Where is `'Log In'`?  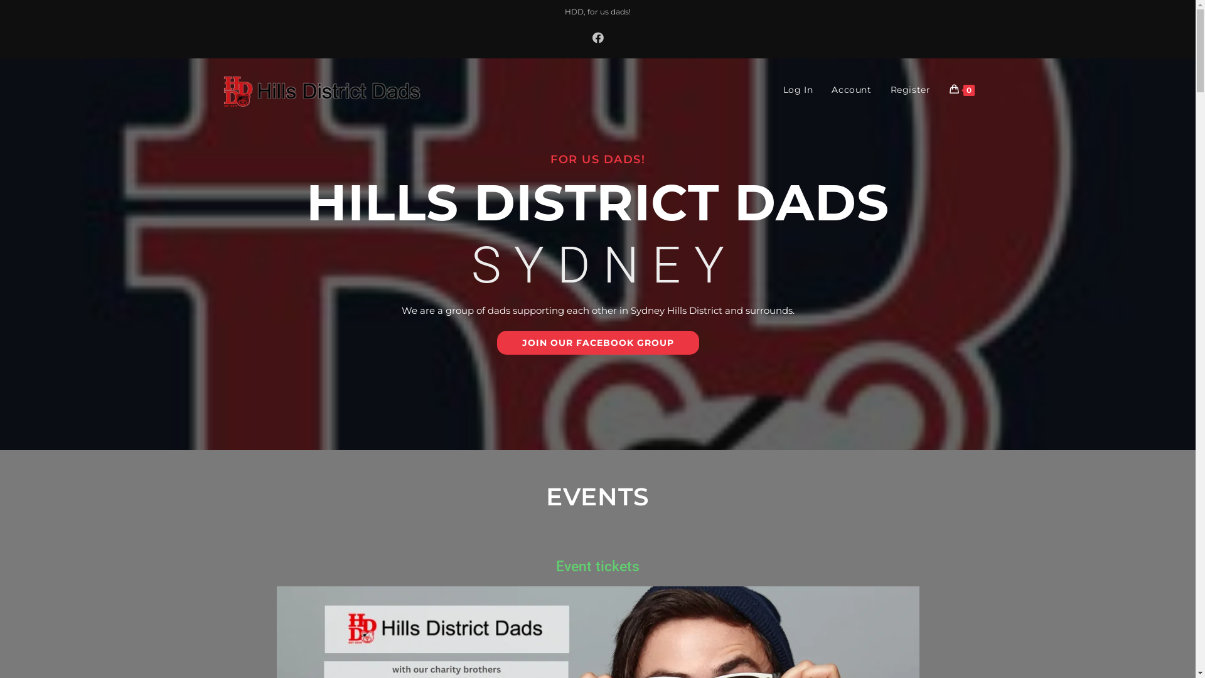
'Log In' is located at coordinates (798, 89).